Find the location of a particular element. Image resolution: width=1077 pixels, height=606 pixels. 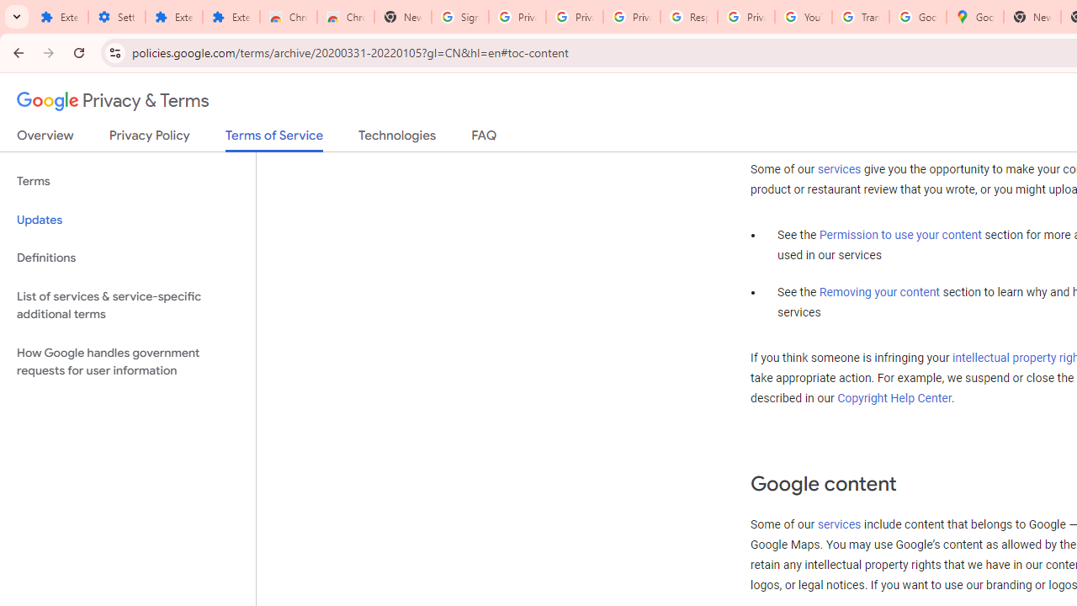

'How Google handles government requests for user information' is located at coordinates (127, 360).